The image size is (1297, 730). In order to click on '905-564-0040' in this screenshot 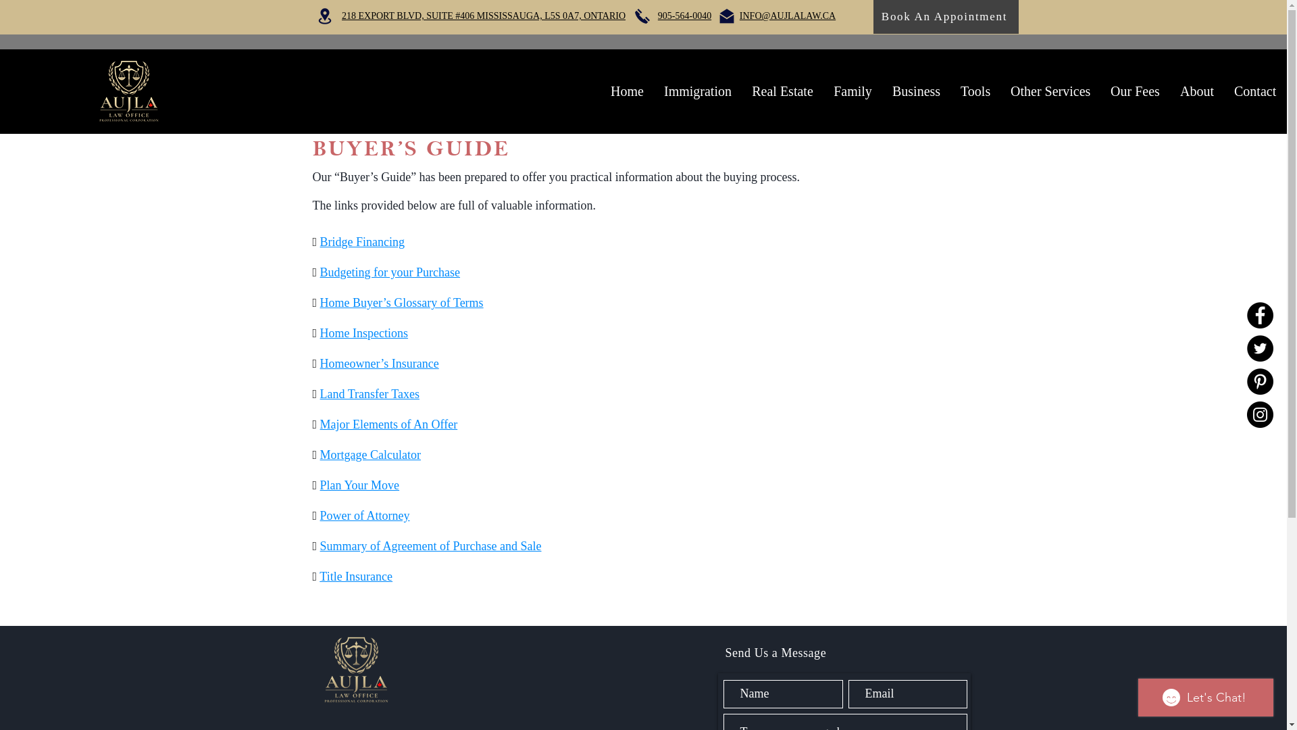, I will do `click(684, 16)`.